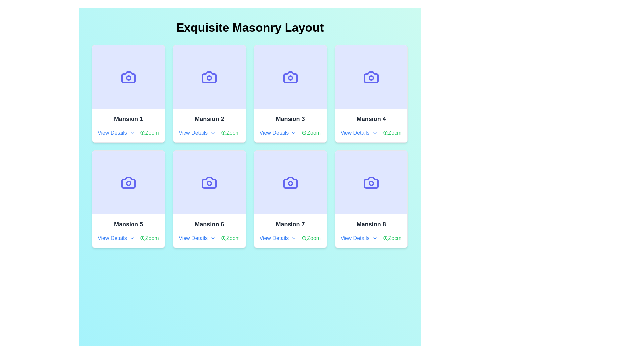  What do you see at coordinates (132, 238) in the screenshot?
I see `the downward-pointing chevron icon next to the 'View Details' text in the 'Mansion 5' card` at bounding box center [132, 238].